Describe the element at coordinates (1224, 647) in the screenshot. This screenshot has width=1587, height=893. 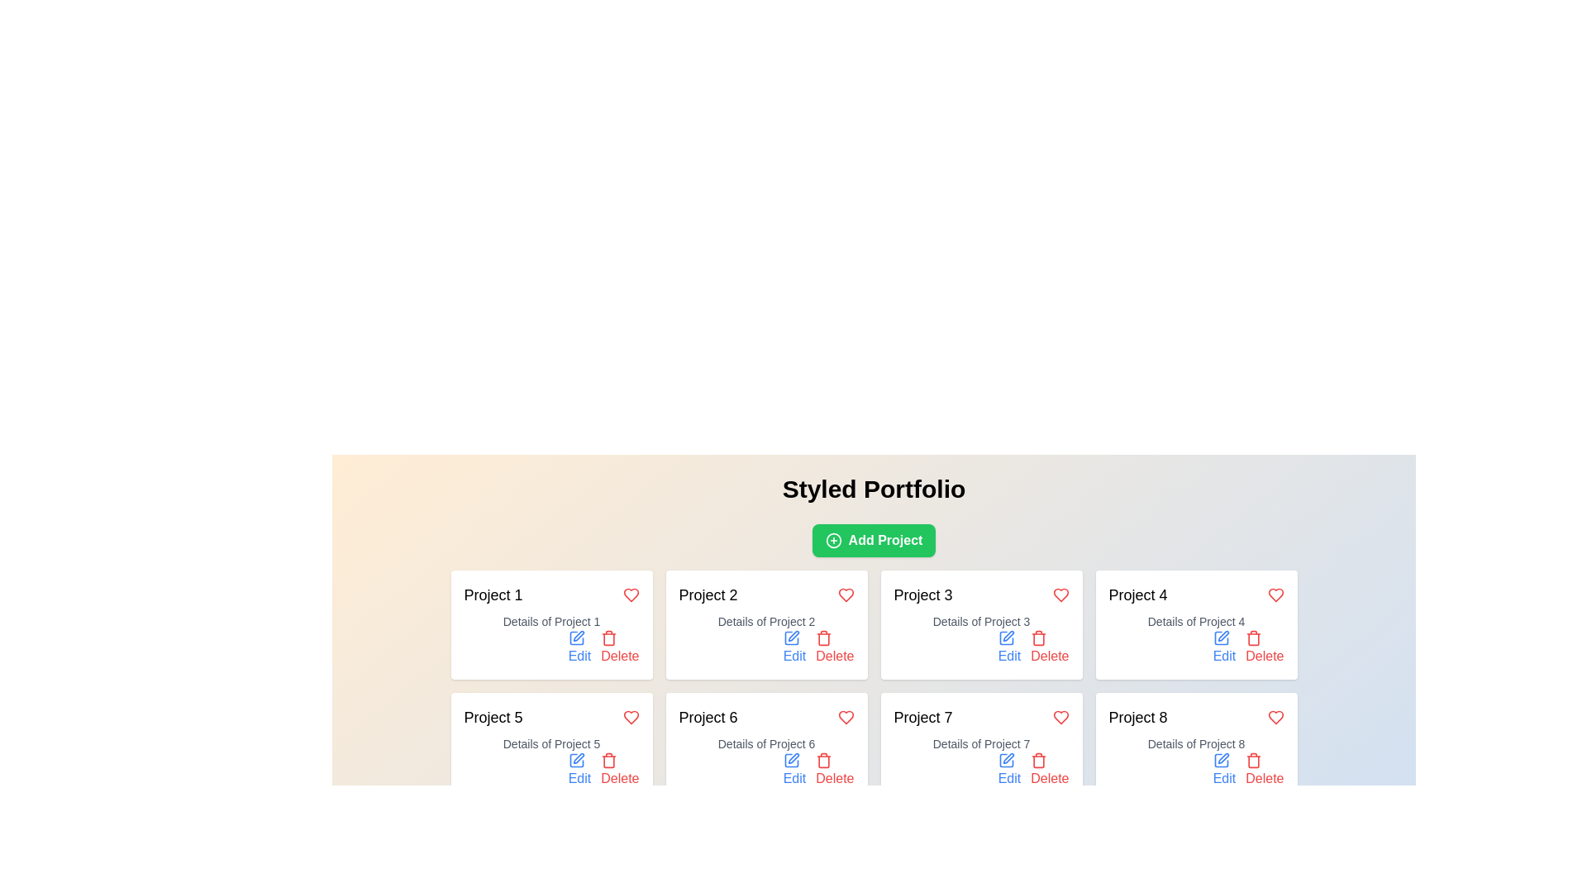
I see `the 'Edit' button located in the lower right corner of the 'Project 4' section to initiate the edit functionality` at that location.